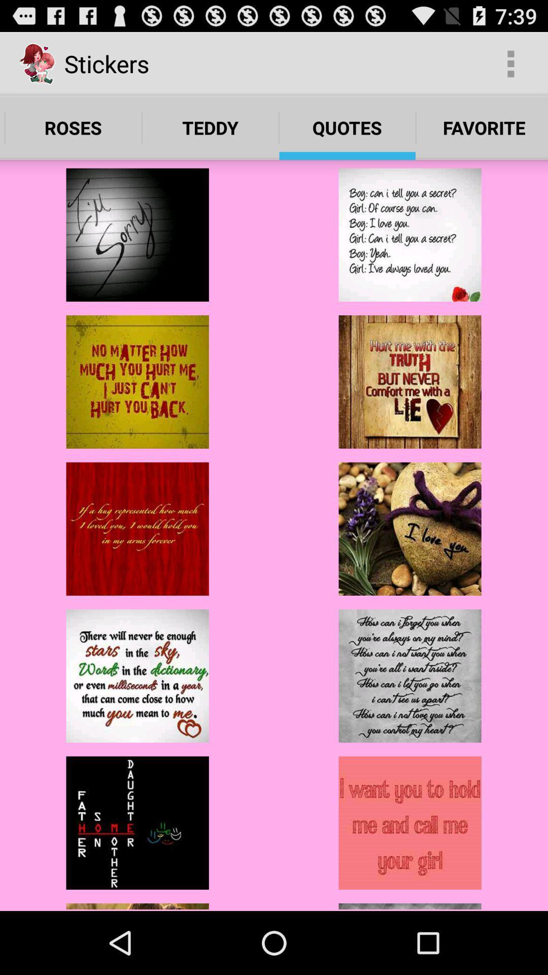 The width and height of the screenshot is (548, 975). What do you see at coordinates (510, 63) in the screenshot?
I see `icon above the favorite` at bounding box center [510, 63].